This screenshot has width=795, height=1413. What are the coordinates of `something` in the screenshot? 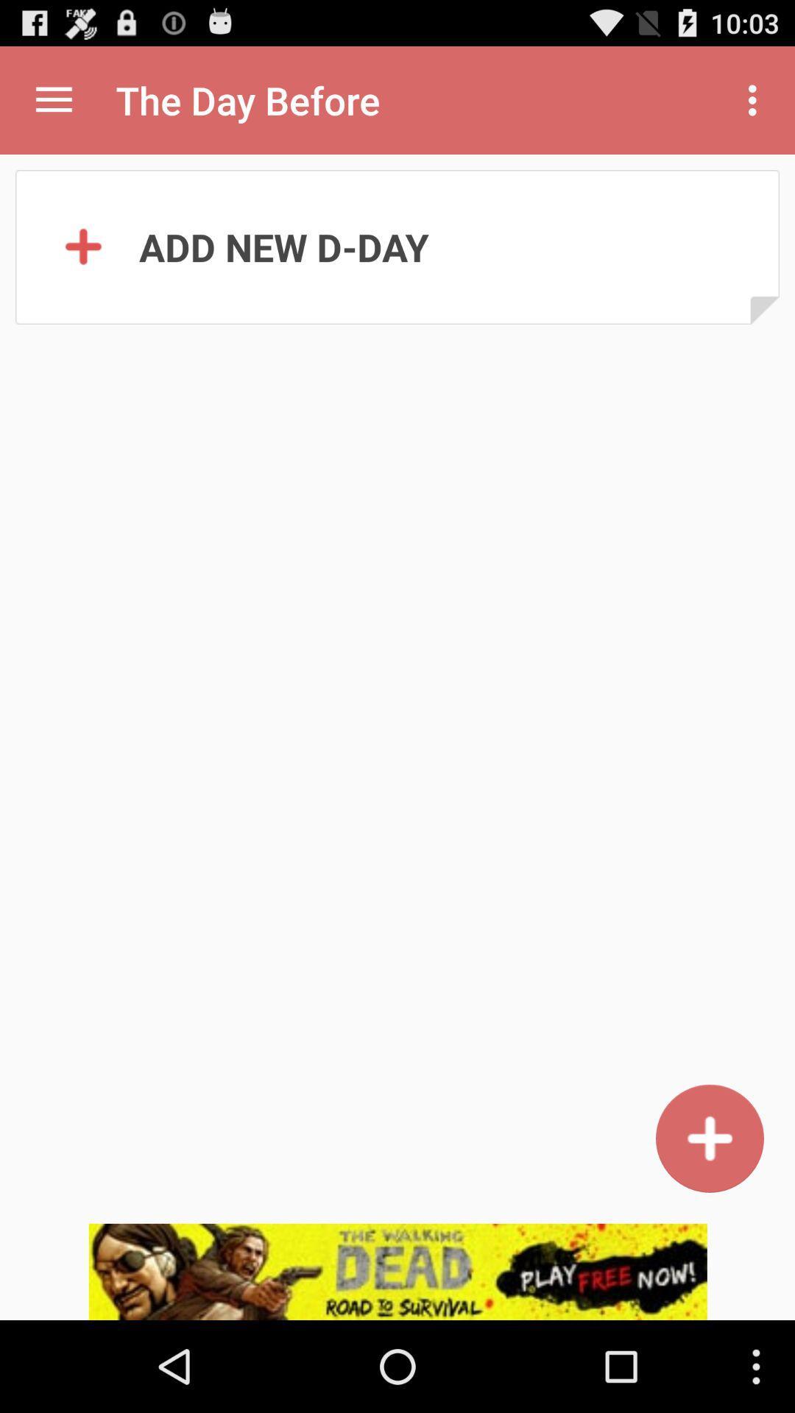 It's located at (709, 1138).